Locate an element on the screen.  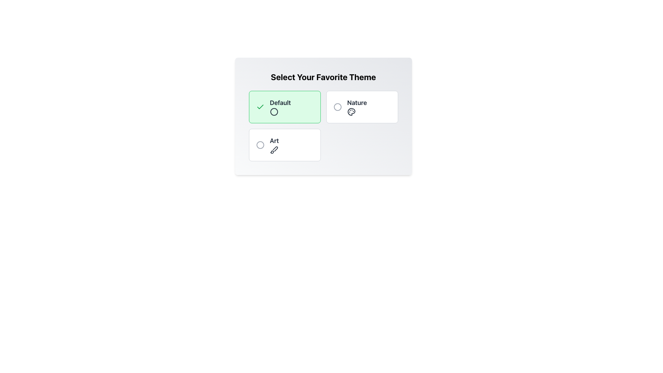
properties of the painter’s palette icon, which is styled in a darker tone on a lighter background and is located next to the text 'Nature' in the theme selection interface is located at coordinates (357, 112).